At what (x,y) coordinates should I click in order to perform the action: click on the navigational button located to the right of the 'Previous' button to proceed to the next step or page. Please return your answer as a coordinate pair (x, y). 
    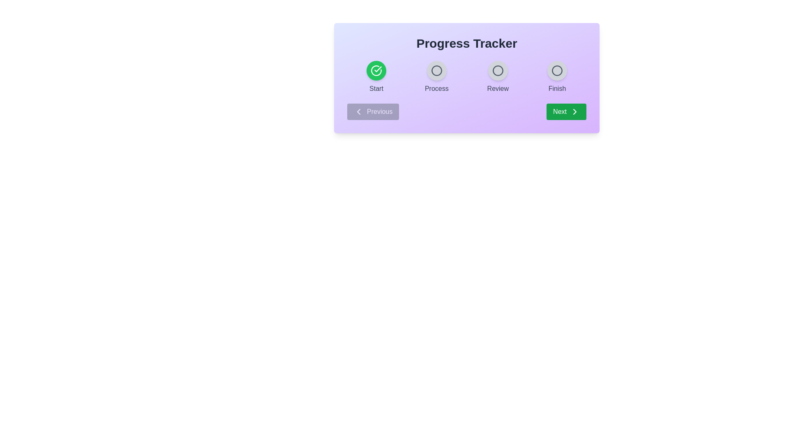
    Looking at the image, I should click on (566, 112).